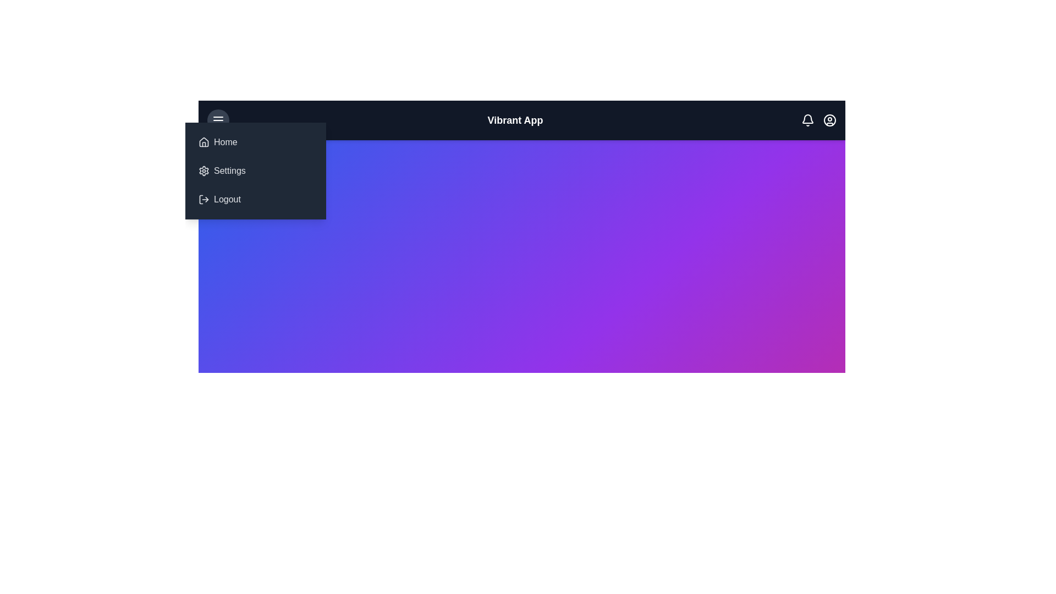 The height and width of the screenshot is (594, 1056). What do you see at coordinates (255, 199) in the screenshot?
I see `the 'Logout' menu item in the expanded menu` at bounding box center [255, 199].